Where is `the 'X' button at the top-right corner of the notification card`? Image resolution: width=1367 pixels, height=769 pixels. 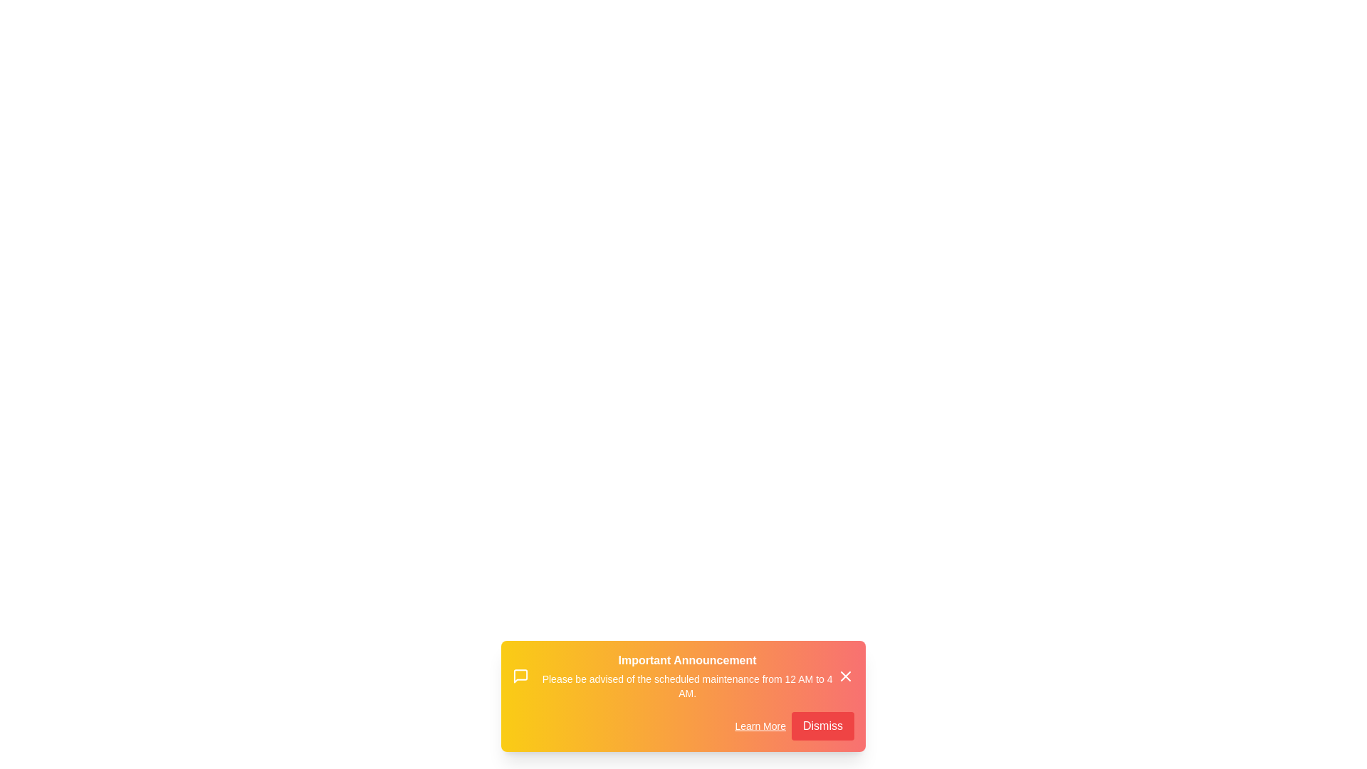
the 'X' button at the top-right corner of the notification card is located at coordinates (846, 675).